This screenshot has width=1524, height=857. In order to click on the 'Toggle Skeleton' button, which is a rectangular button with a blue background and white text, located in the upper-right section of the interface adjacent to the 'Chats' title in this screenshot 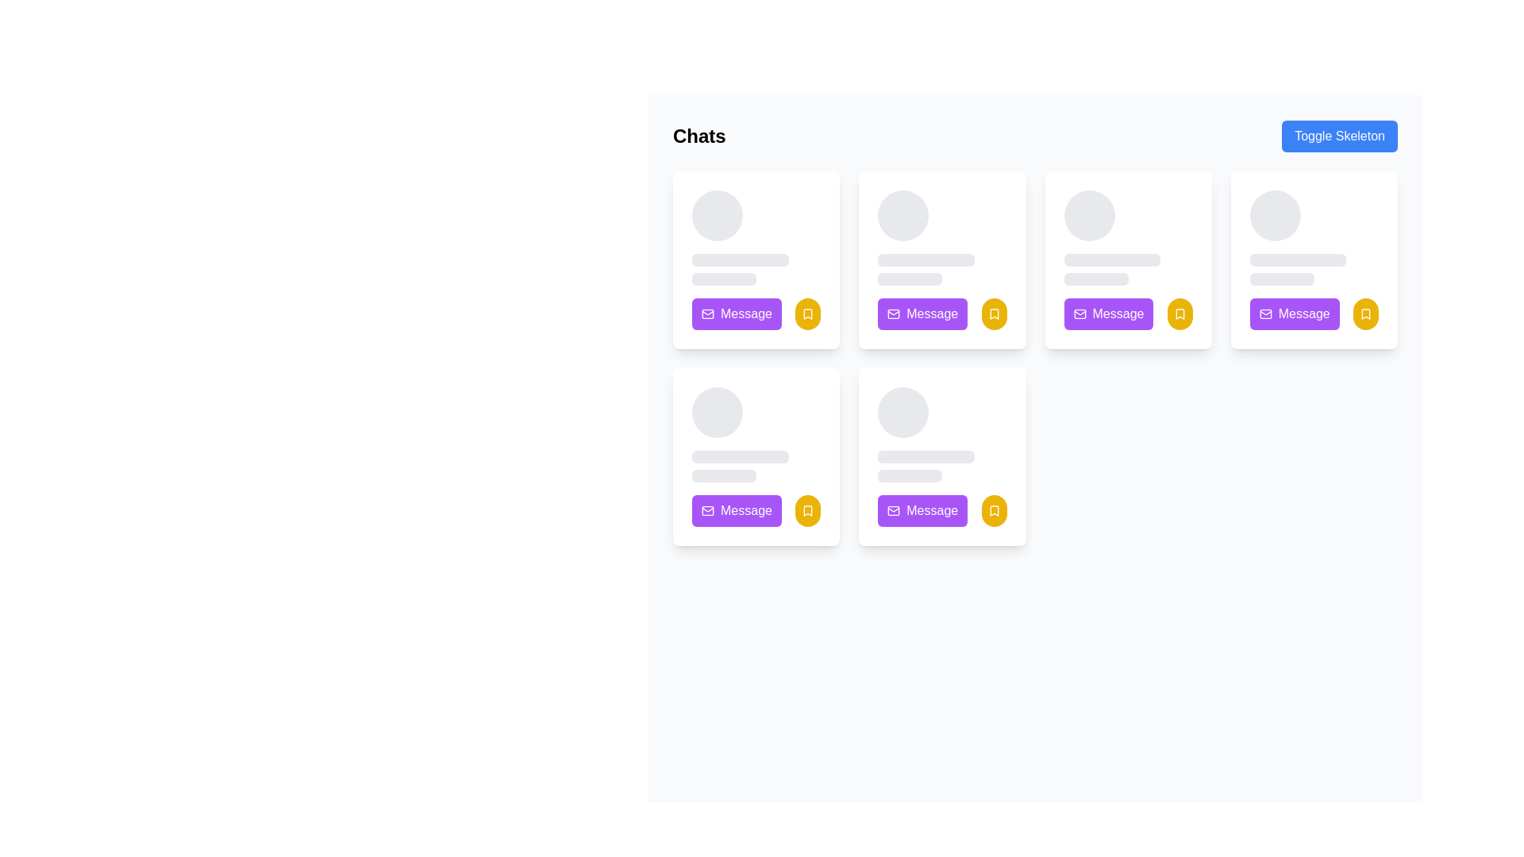, I will do `click(1339, 136)`.